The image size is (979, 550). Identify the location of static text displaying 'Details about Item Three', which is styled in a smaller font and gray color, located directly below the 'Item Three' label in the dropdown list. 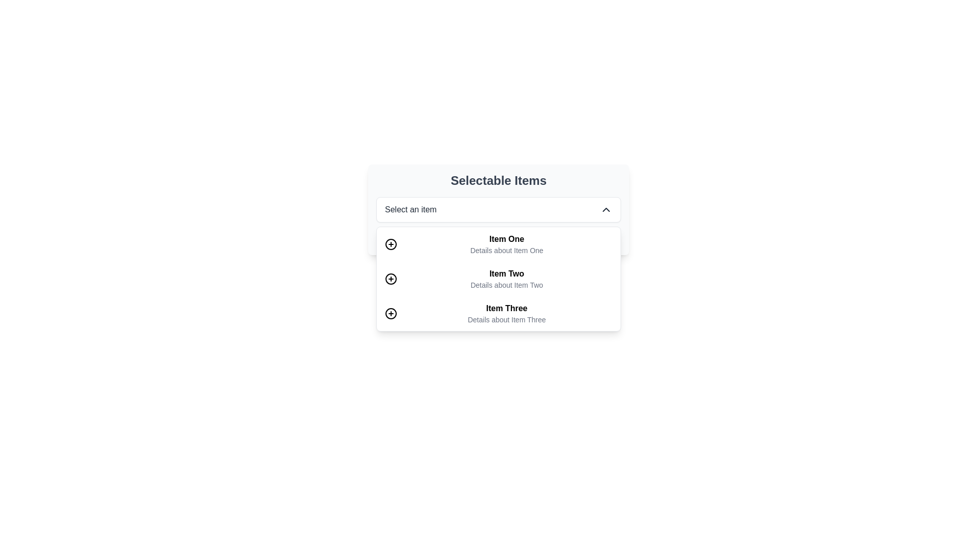
(506, 319).